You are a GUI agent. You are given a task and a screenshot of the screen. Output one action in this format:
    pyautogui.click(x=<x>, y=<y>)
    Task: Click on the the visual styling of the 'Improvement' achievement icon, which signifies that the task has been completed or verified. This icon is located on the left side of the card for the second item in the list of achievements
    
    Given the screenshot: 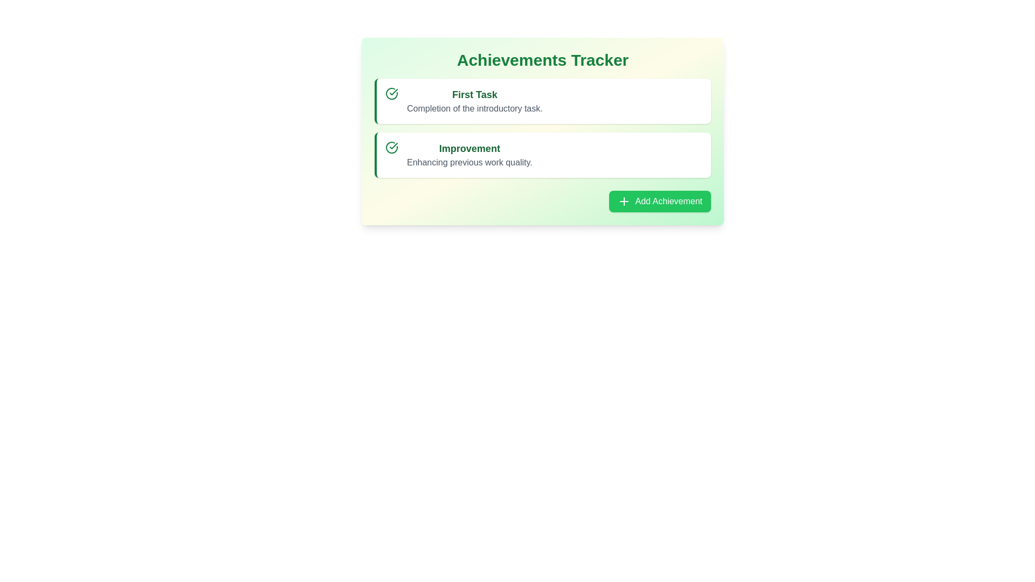 What is the action you would take?
    pyautogui.click(x=391, y=147)
    